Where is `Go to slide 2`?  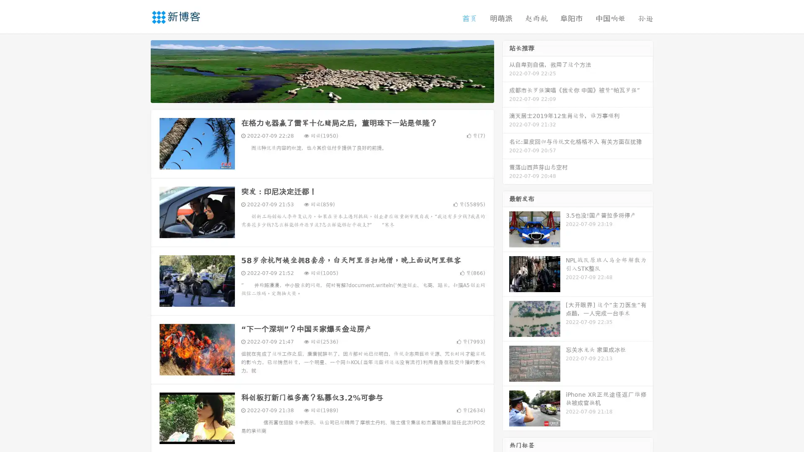 Go to slide 2 is located at coordinates (322, 94).